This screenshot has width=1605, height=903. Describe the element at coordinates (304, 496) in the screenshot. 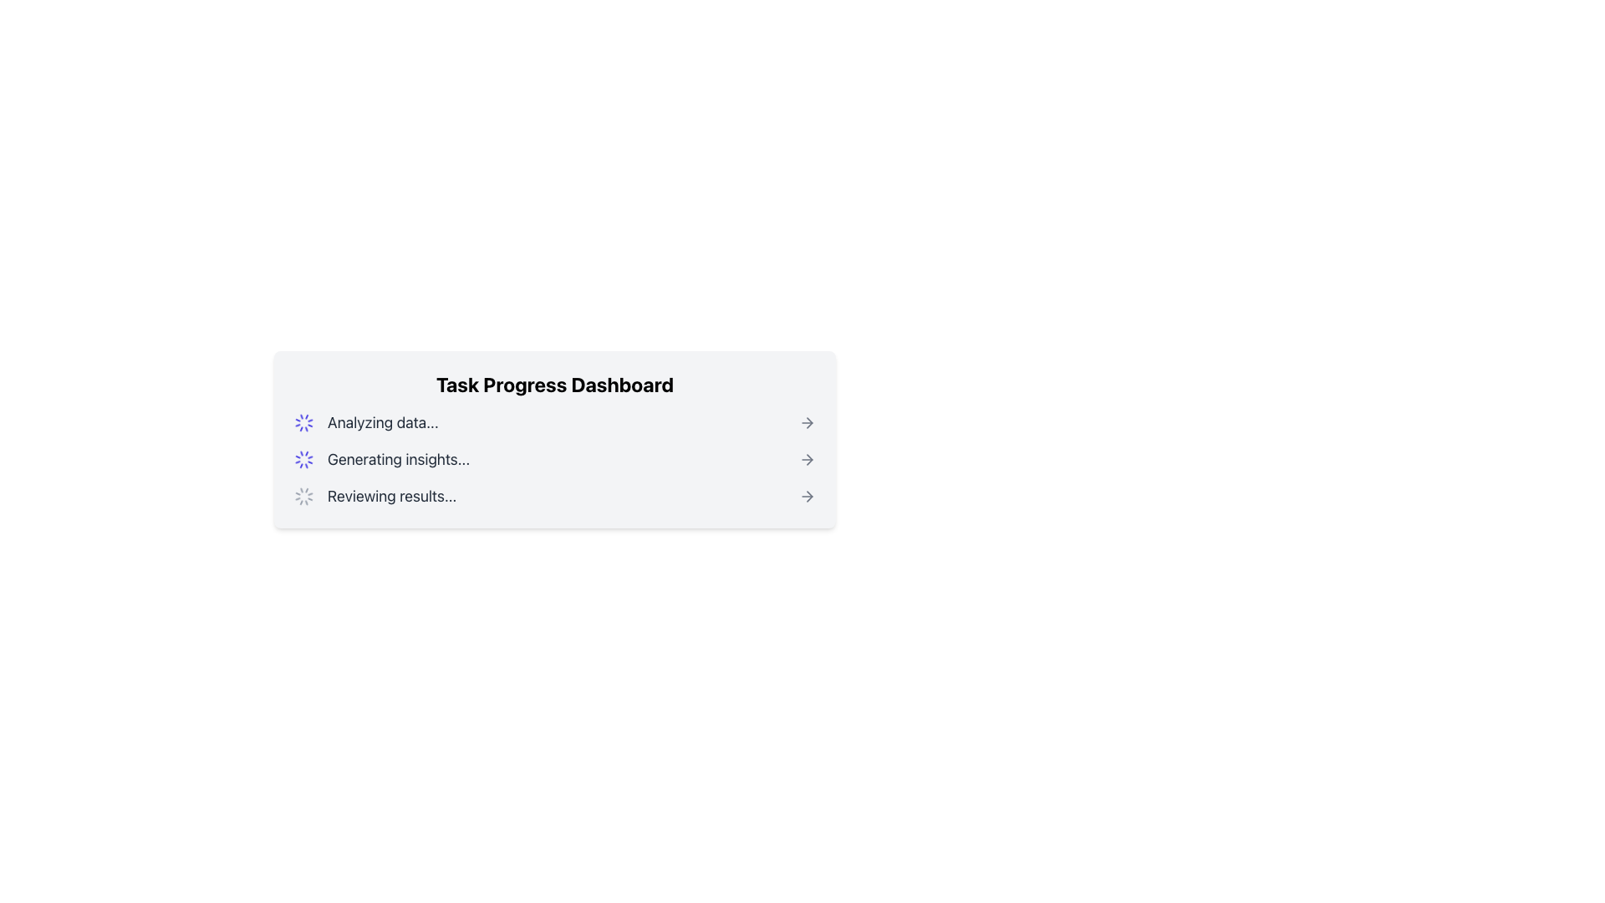

I see `the Spinner element, which indicates ongoing activity related to 'Reviewing results...'` at that location.